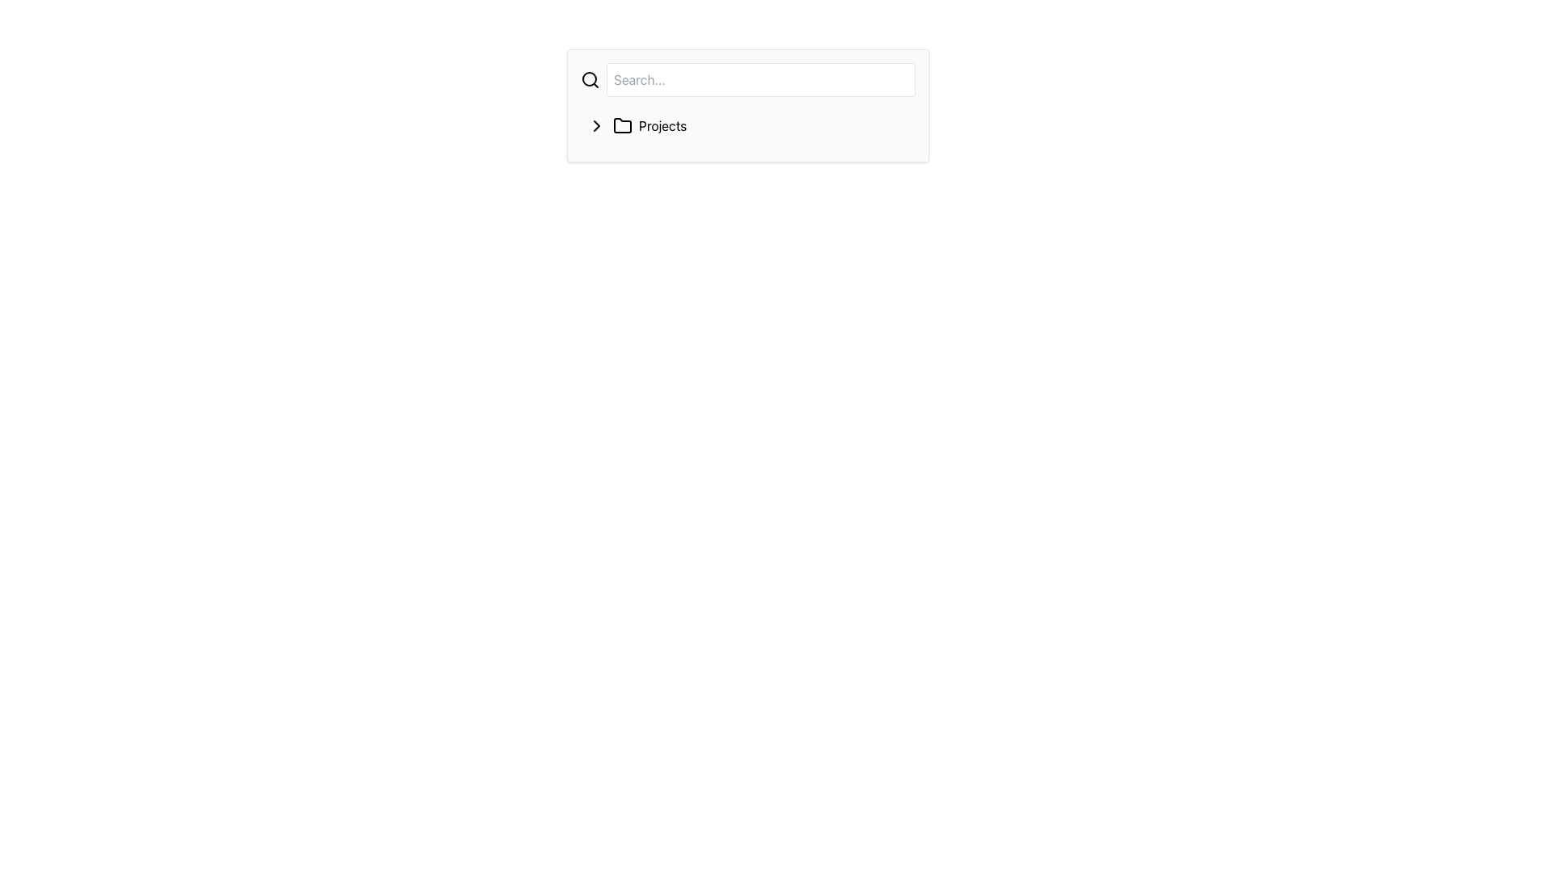  I want to click on the folder icon representing the 'Projects' section for any visual feedback, so click(621, 124).